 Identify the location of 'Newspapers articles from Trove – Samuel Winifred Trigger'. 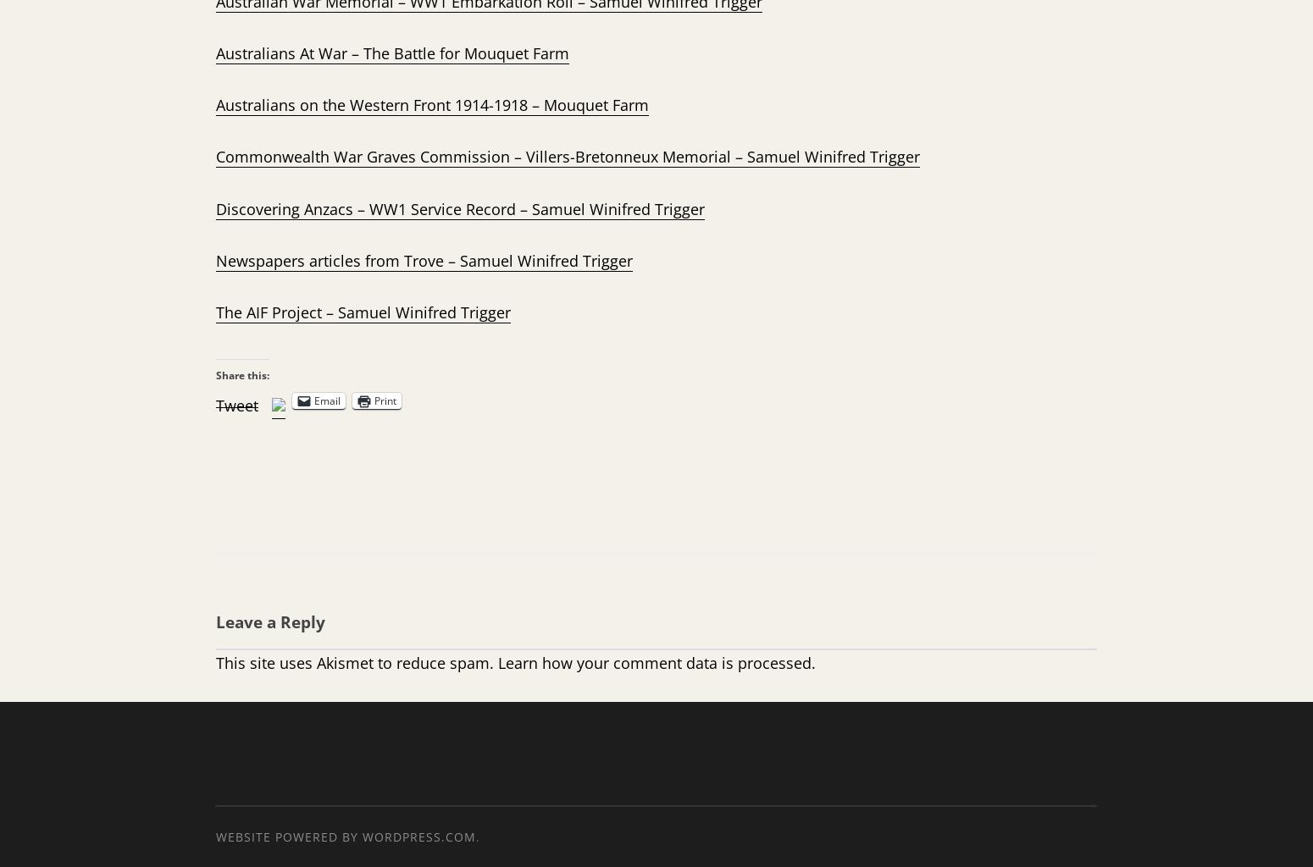
(423, 258).